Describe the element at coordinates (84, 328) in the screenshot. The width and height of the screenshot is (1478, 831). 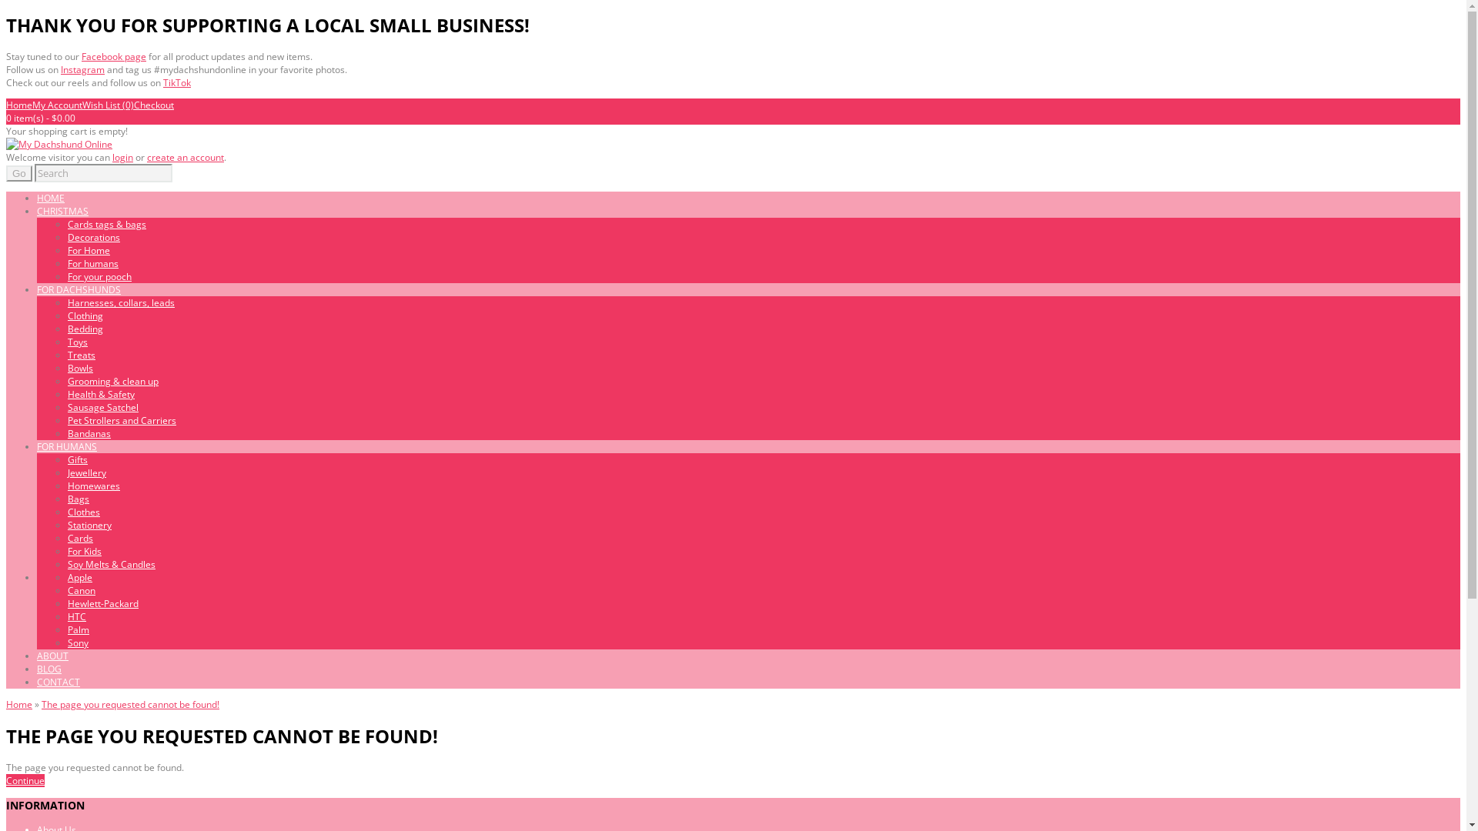
I see `'Bedding'` at that location.